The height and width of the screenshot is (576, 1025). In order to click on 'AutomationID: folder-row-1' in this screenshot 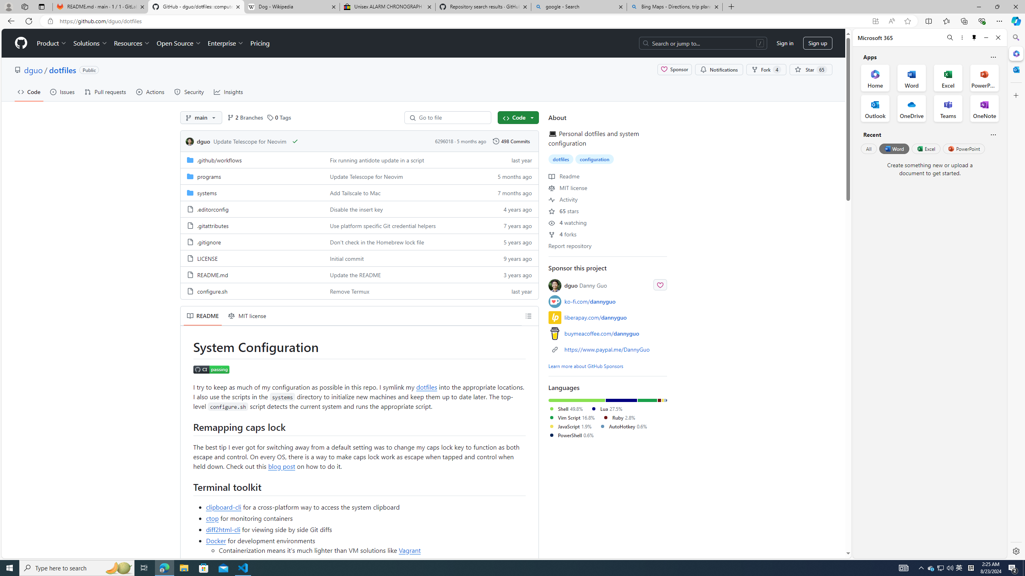, I will do `click(359, 176)`.